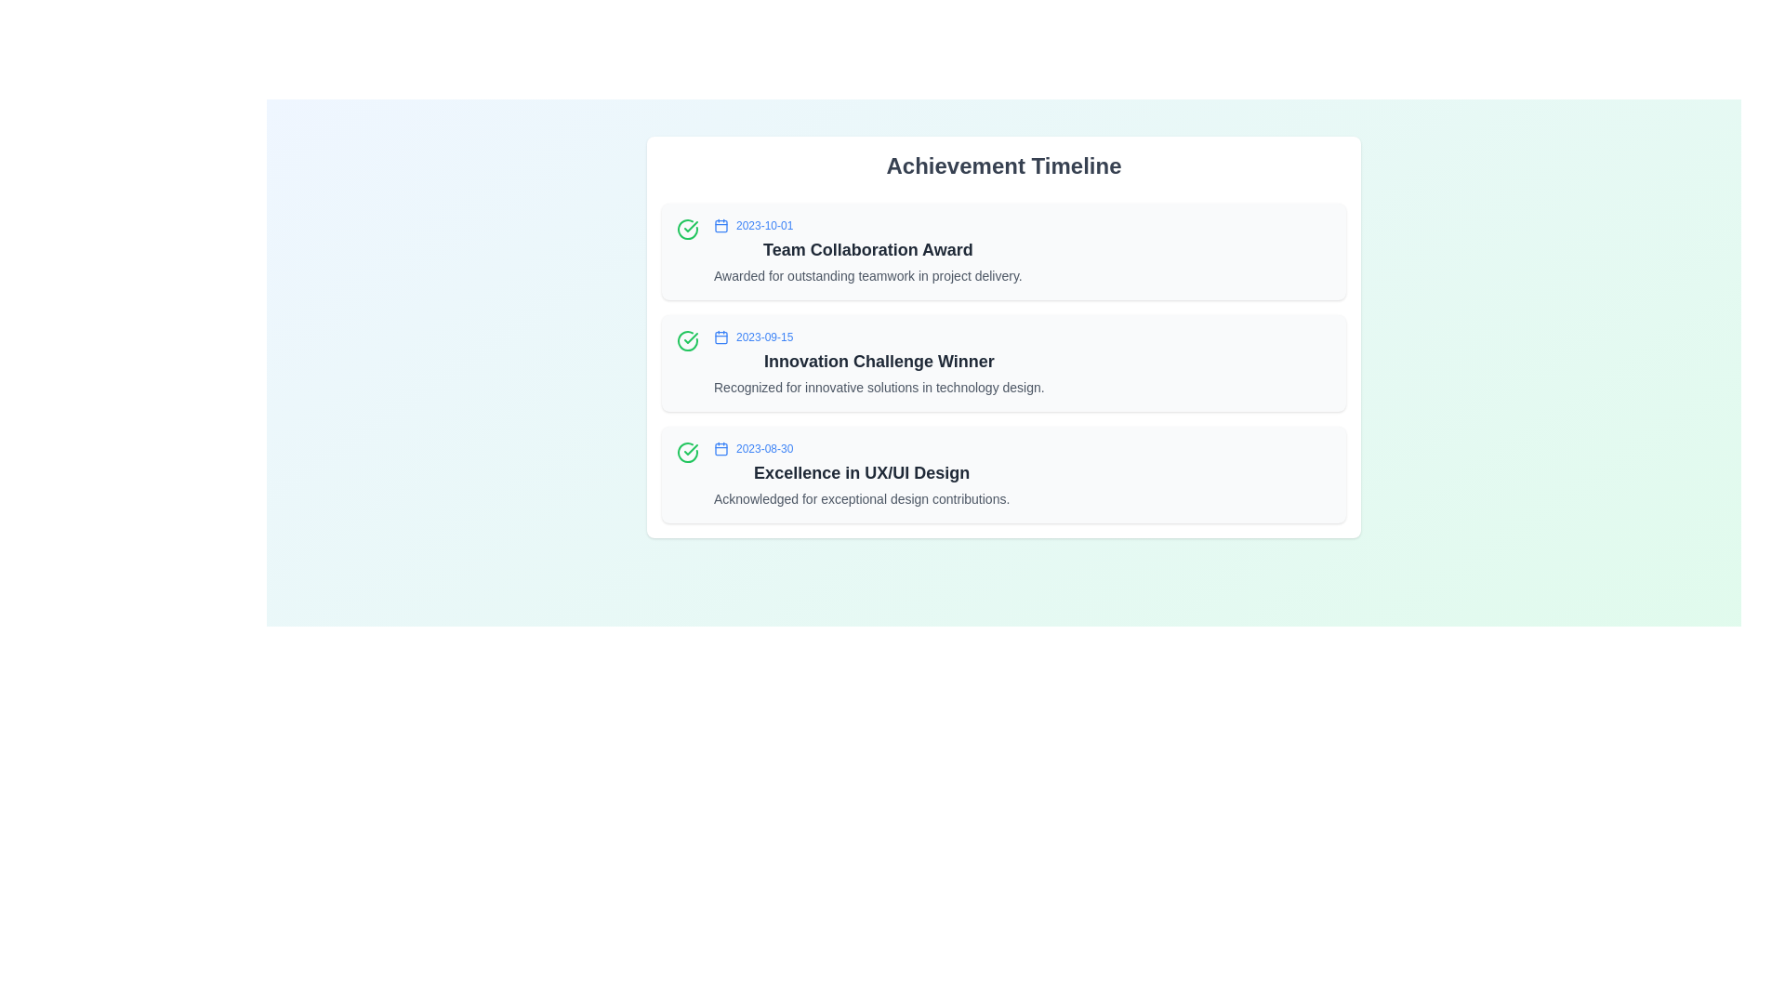 Image resolution: width=1785 pixels, height=1004 pixels. I want to click on the detailed acknowledgment text for the achievement titled 'Excellence in UX/UI Design', positioned beneath the title in the third achievement item on the timeline, so click(861, 497).